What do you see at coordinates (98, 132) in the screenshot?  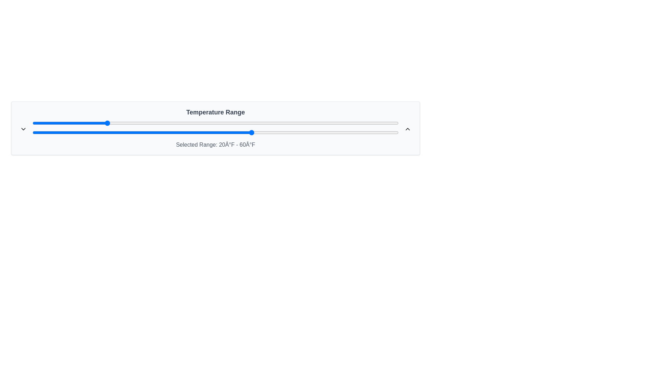 I see `the slider` at bounding box center [98, 132].